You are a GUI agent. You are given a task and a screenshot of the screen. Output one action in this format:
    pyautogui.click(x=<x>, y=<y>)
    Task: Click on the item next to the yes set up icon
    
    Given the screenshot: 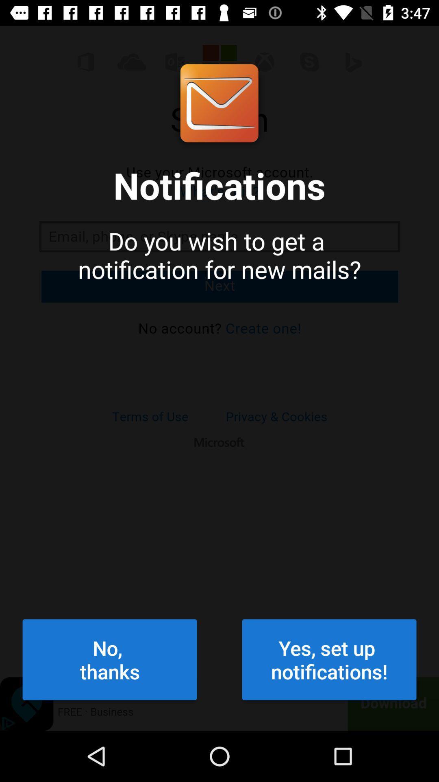 What is the action you would take?
    pyautogui.click(x=110, y=659)
    